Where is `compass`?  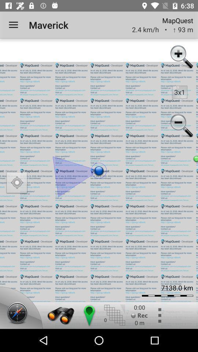
compass is located at coordinates (19, 313).